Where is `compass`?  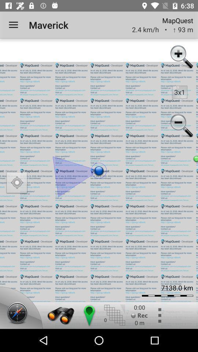
compass is located at coordinates (19, 313).